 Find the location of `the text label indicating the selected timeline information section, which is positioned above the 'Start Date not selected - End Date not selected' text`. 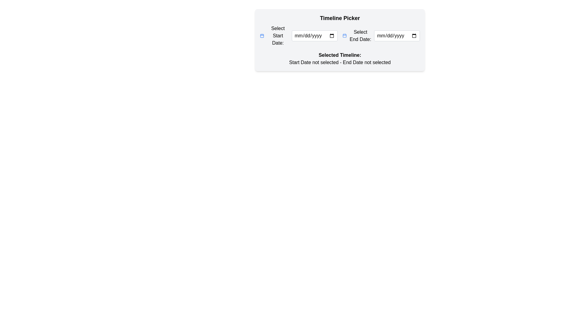

the text label indicating the selected timeline information section, which is positioned above the 'Start Date not selected - End Date not selected' text is located at coordinates (339, 55).